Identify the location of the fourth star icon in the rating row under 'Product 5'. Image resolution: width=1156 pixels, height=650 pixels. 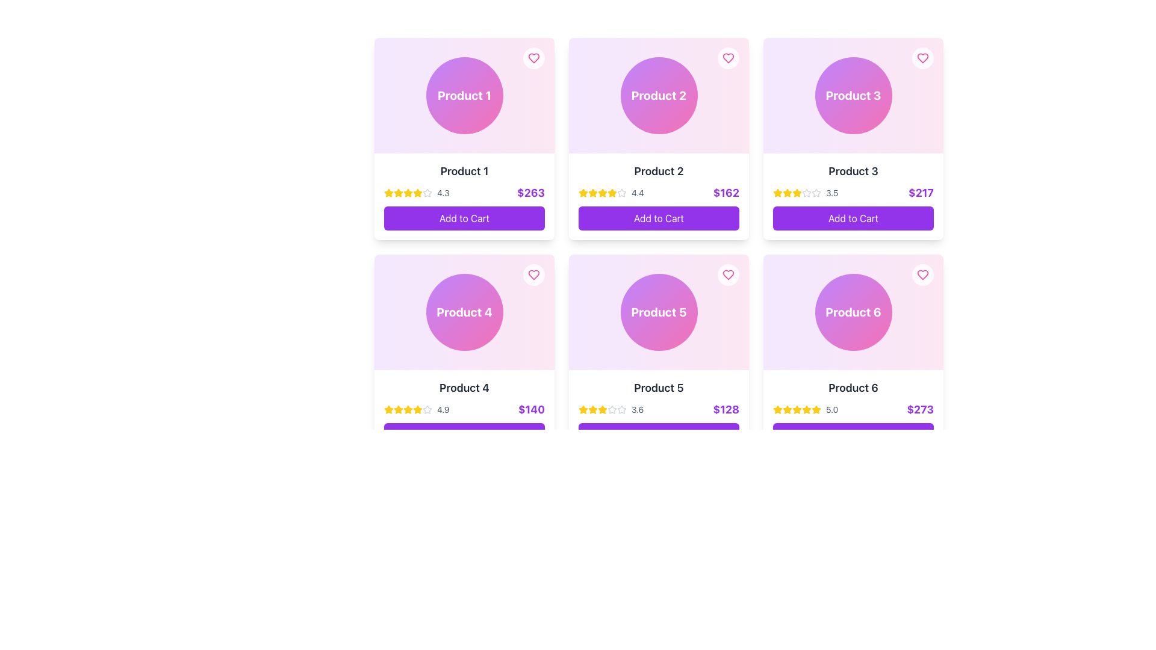
(612, 409).